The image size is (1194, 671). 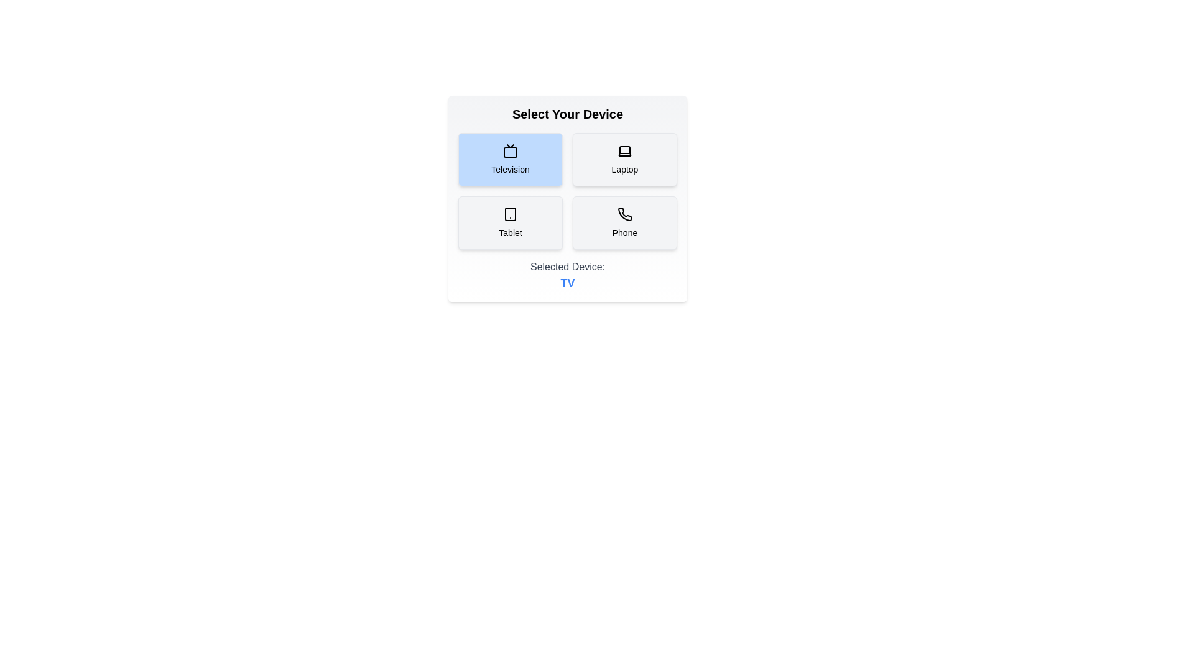 I want to click on the button corresponding to Tablet to select it, so click(x=510, y=222).